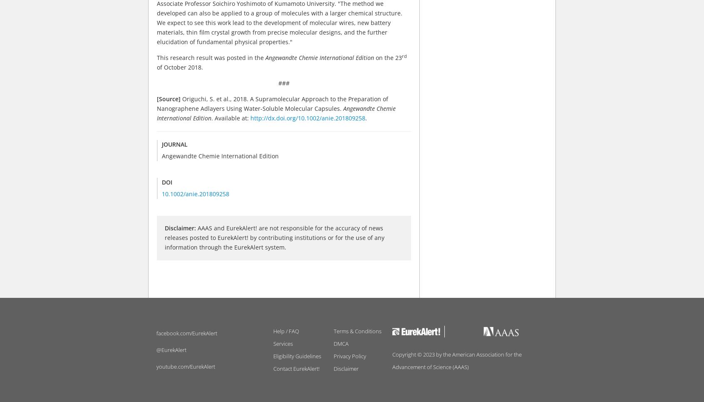  Describe the element at coordinates (167, 182) in the screenshot. I see `'DOI'` at that location.